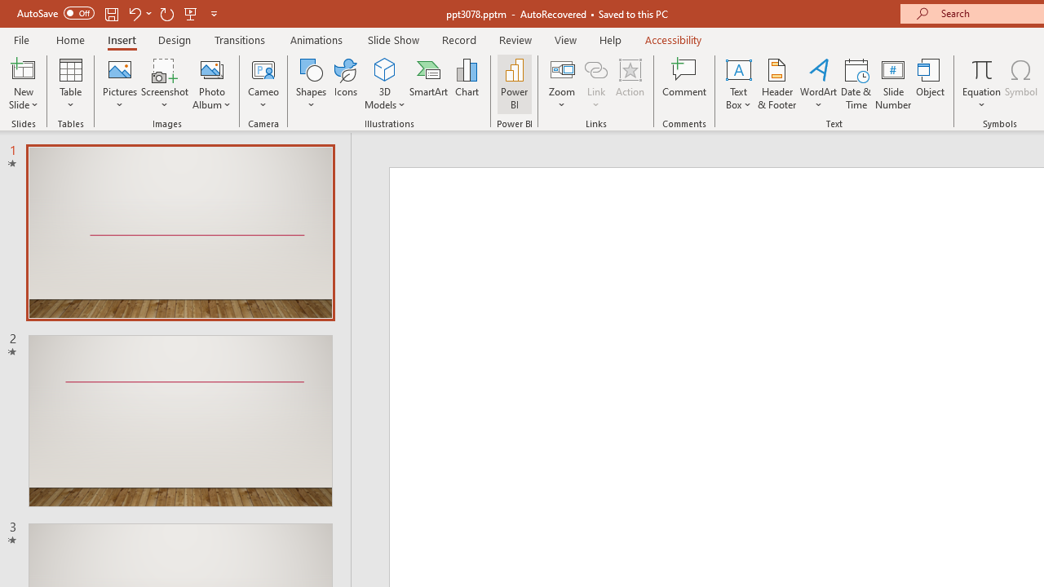 This screenshot has width=1044, height=587. Describe the element at coordinates (384, 68) in the screenshot. I see `'3D Models'` at that location.